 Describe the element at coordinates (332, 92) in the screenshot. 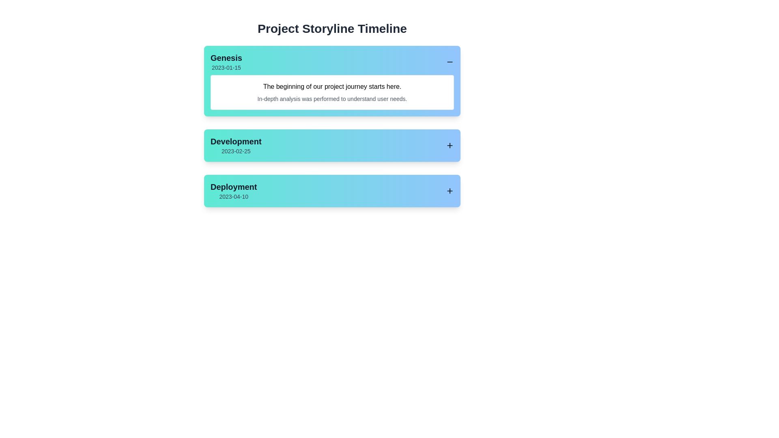

I see `the Static Content Box that presents information about the 'Genesis' stage of the project timeline, which is centrally located in the interface below the 'Genesis' title and above the 'Development' section` at that location.